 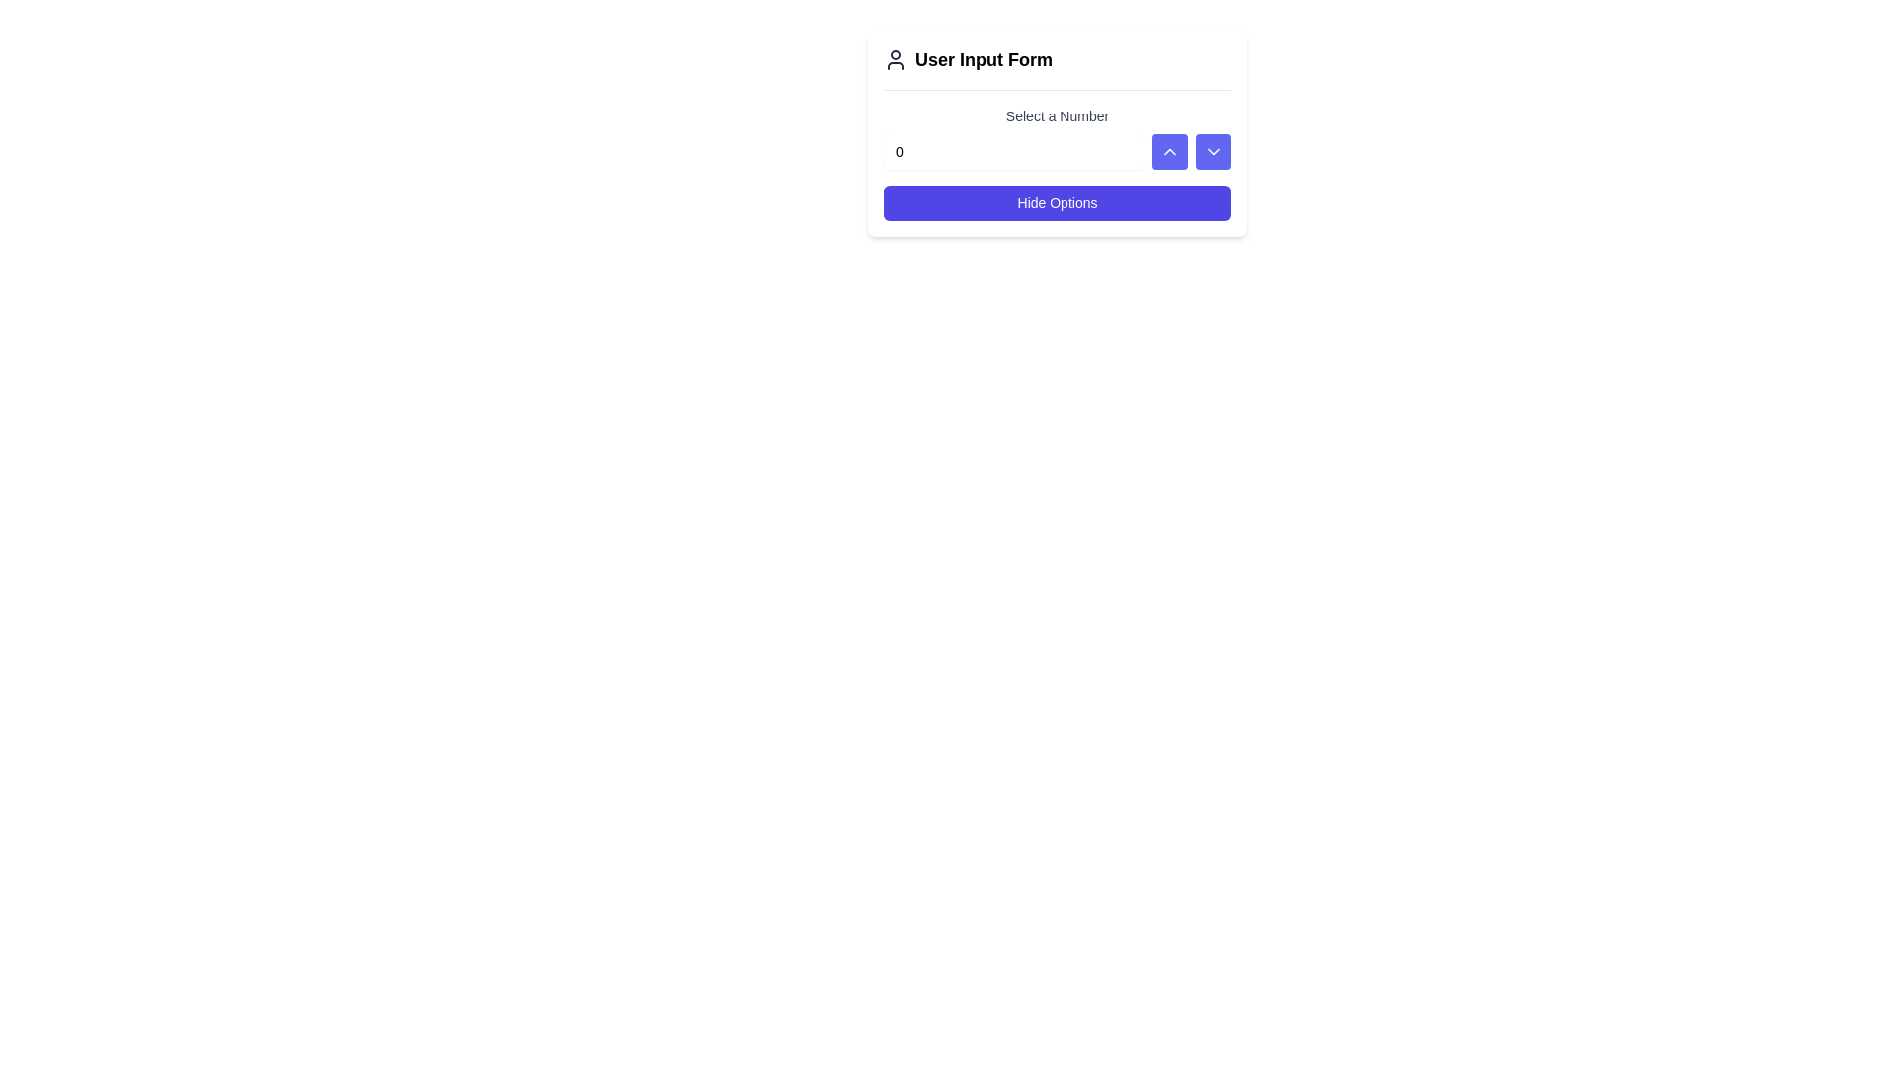 What do you see at coordinates (1056, 202) in the screenshot?
I see `the button located at the bottom of the 'User Input Form'` at bounding box center [1056, 202].